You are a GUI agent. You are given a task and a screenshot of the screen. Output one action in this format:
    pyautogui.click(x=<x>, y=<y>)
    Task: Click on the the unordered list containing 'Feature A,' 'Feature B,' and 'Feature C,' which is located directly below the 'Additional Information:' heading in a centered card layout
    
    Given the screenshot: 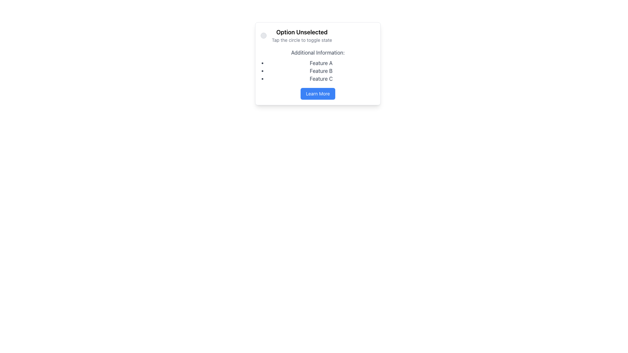 What is the action you would take?
    pyautogui.click(x=318, y=71)
    